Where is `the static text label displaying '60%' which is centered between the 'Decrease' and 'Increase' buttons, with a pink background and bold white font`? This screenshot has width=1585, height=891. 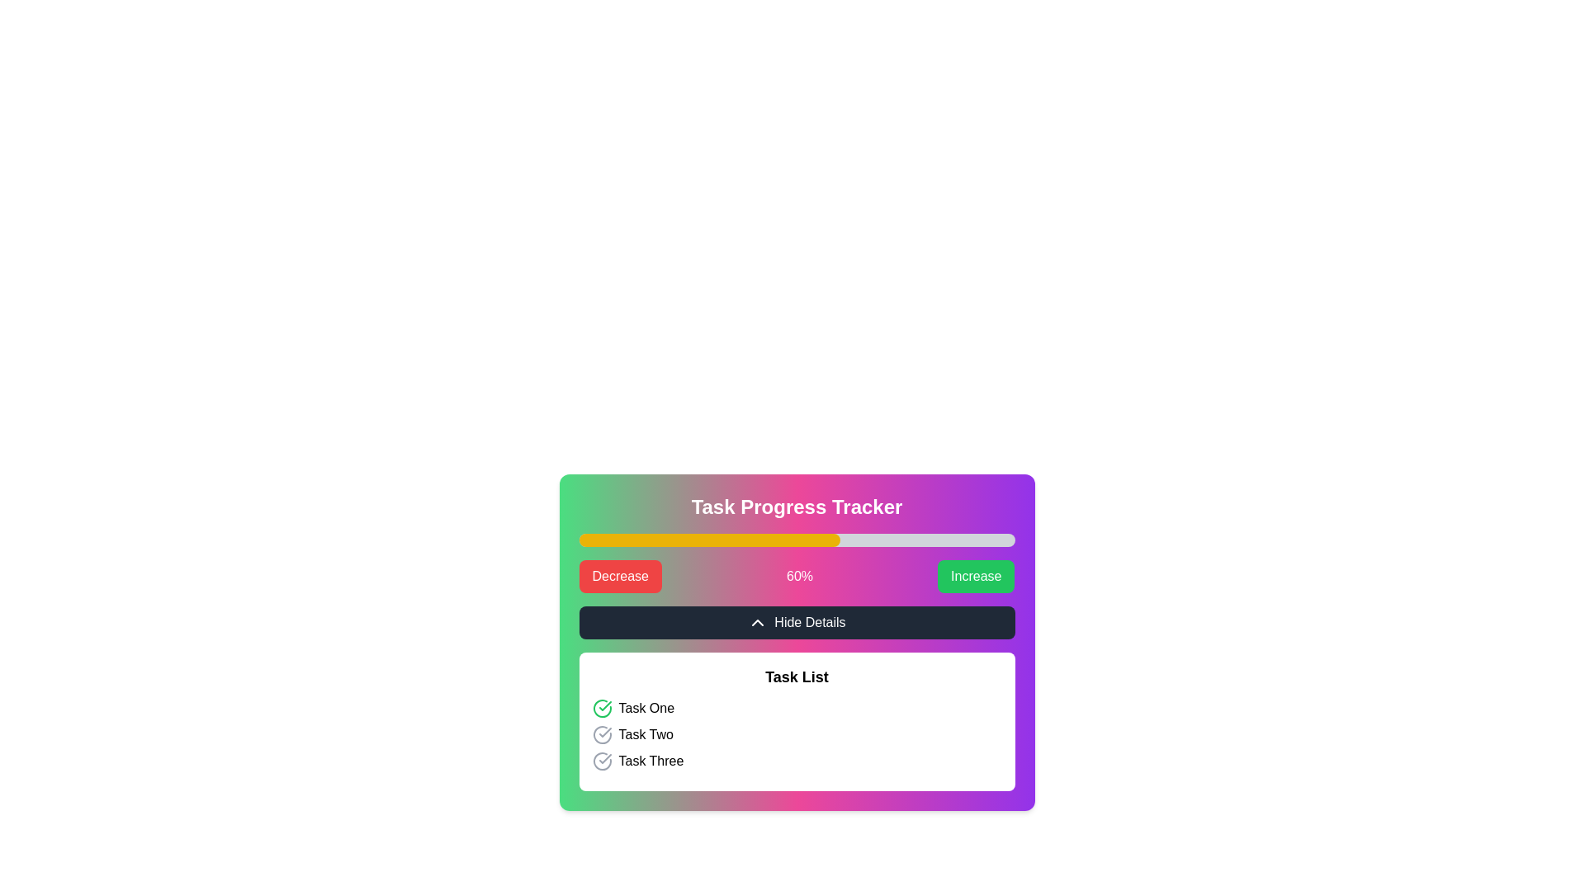 the static text label displaying '60%' which is centered between the 'Decrease' and 'Increase' buttons, with a pink background and bold white font is located at coordinates (800, 575).